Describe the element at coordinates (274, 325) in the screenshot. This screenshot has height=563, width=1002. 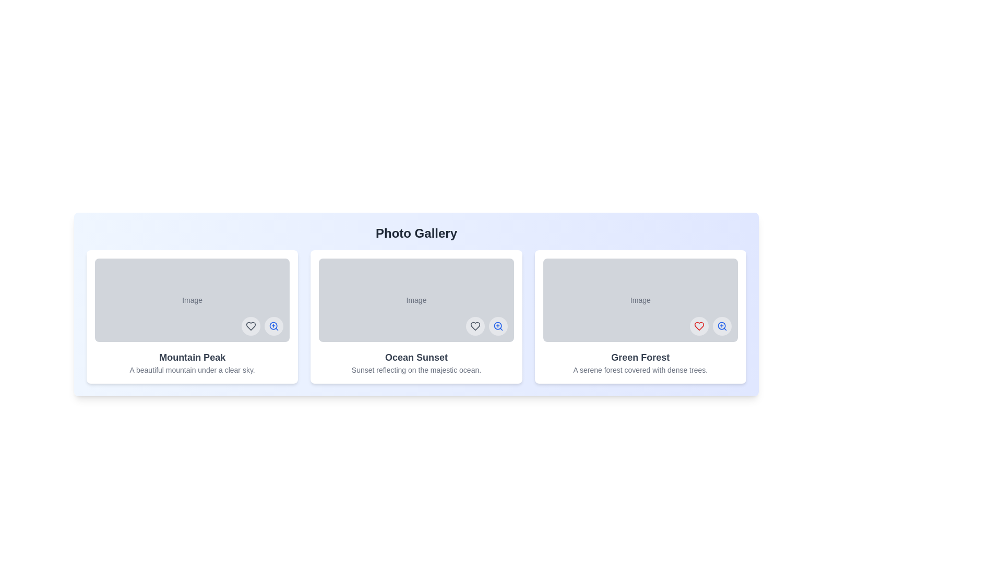
I see `zoom button on the image titled Mountain Peak` at that location.